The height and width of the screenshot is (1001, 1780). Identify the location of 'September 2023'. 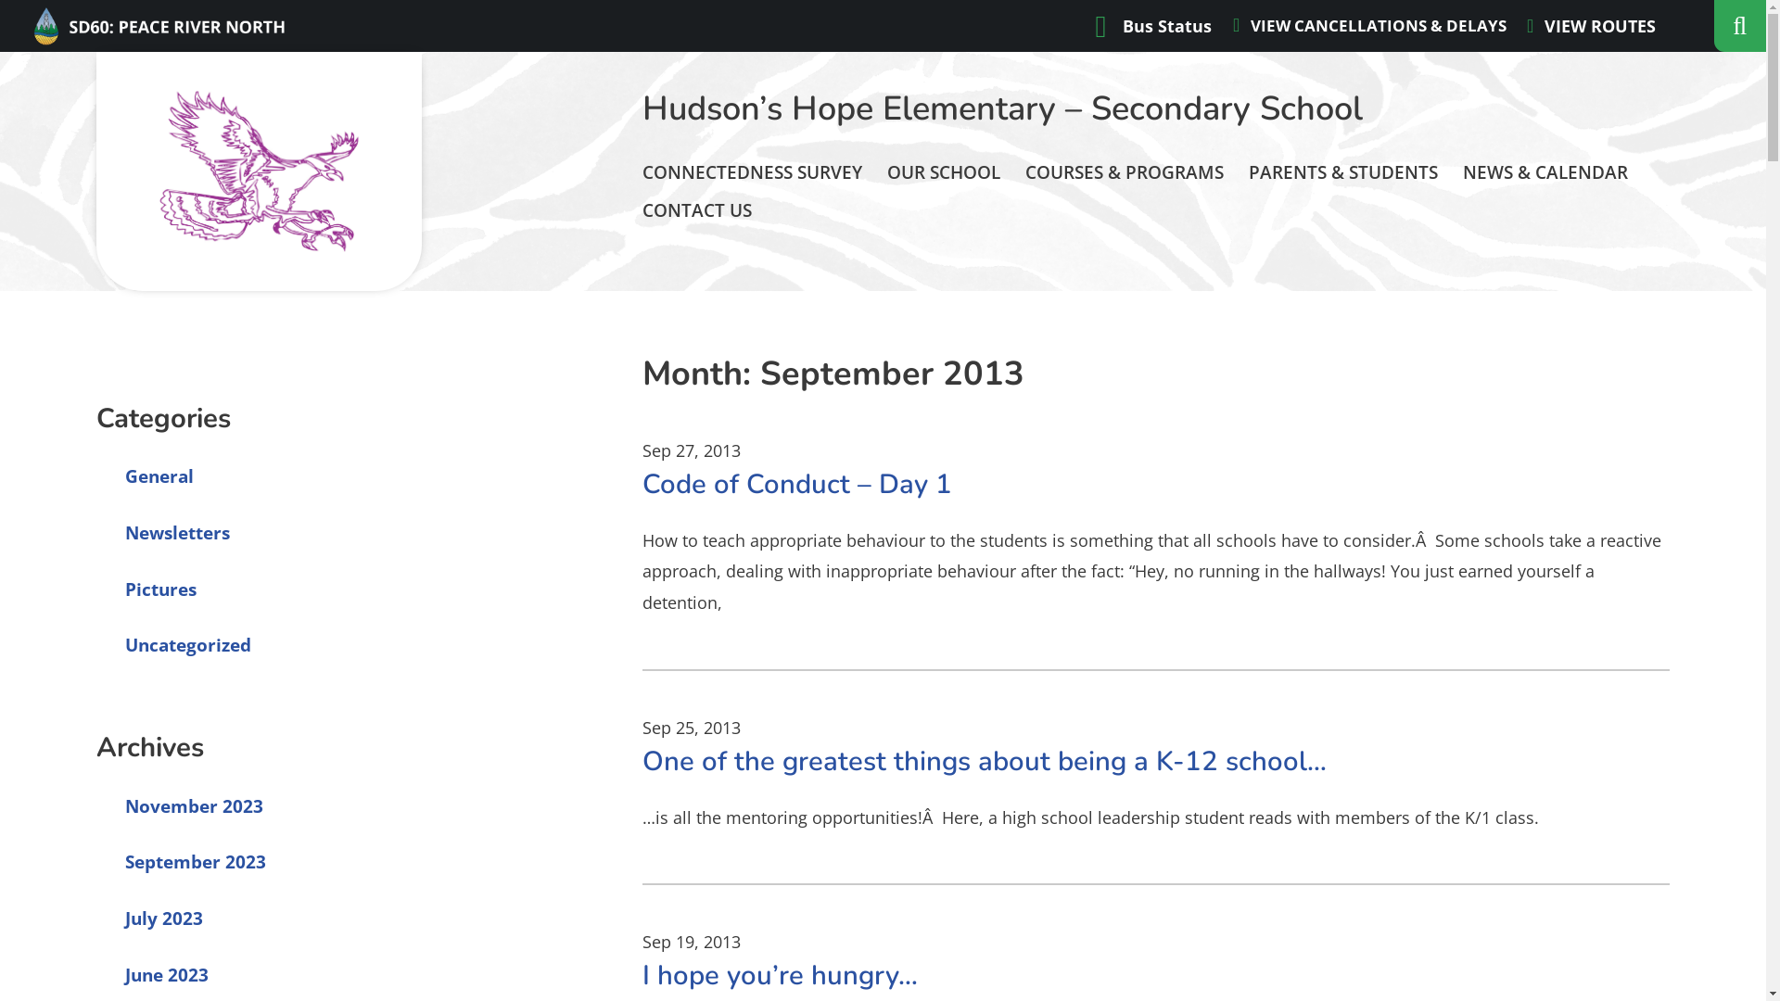
(182, 861).